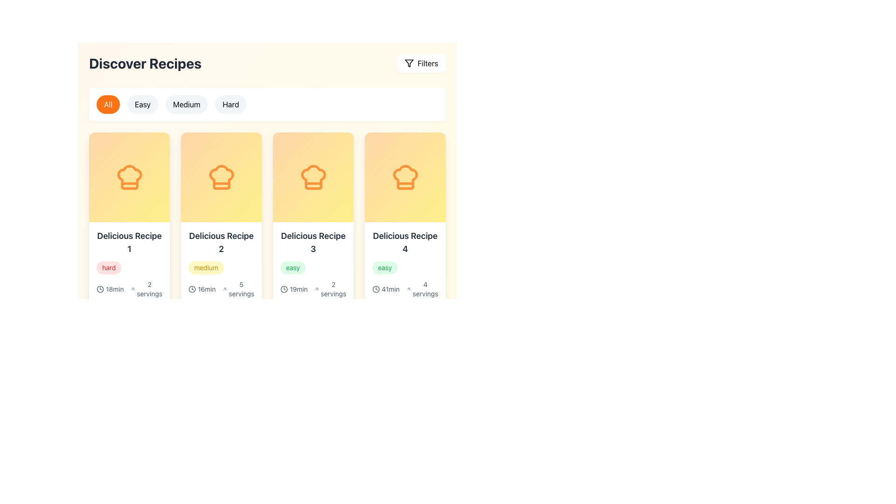  What do you see at coordinates (266, 104) in the screenshot?
I see `the 'All' button in the filter menu located below the 'Discover Recipes' title` at bounding box center [266, 104].